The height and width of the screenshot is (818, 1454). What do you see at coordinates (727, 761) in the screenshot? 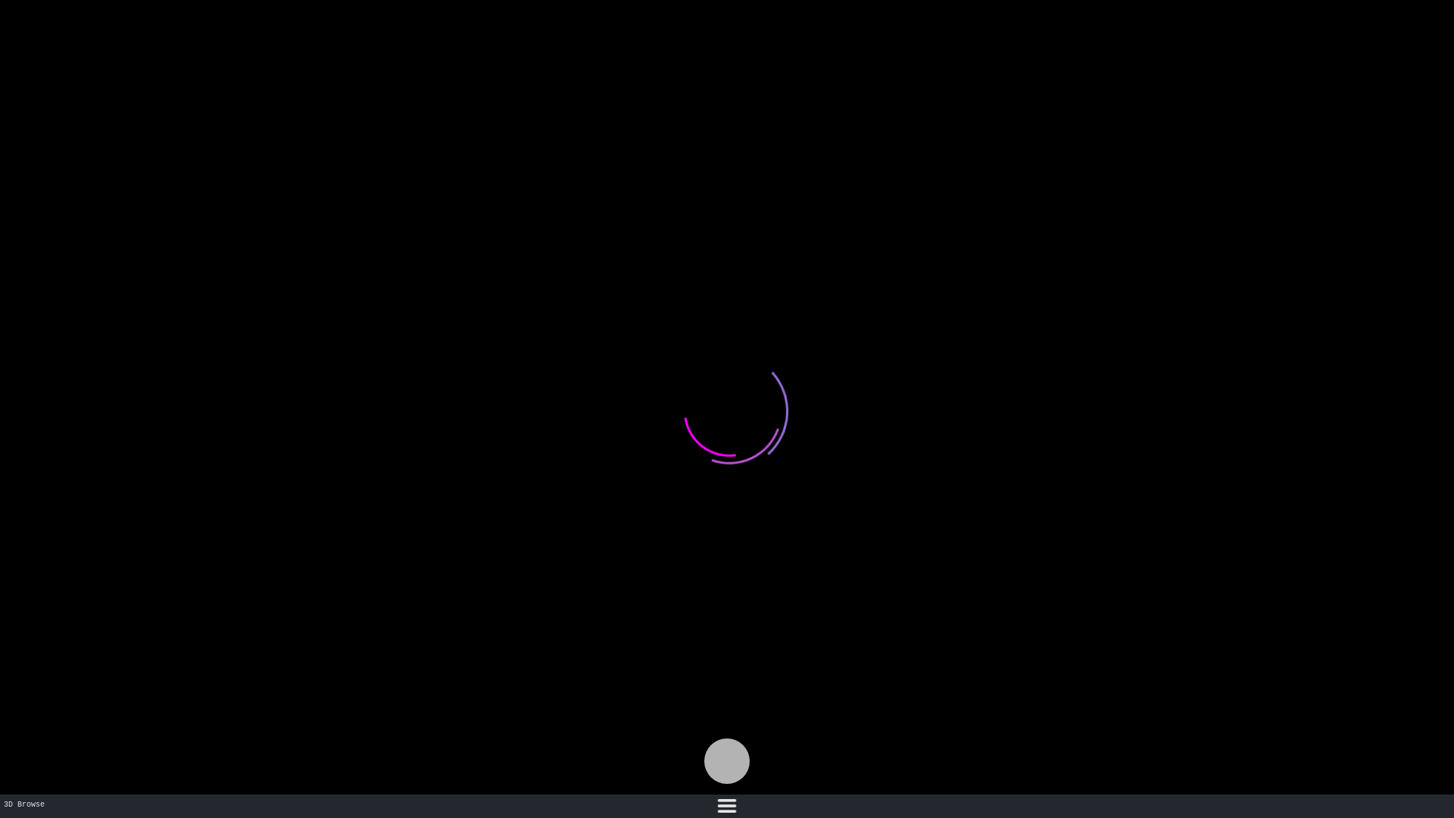
I see `'0'` at bounding box center [727, 761].